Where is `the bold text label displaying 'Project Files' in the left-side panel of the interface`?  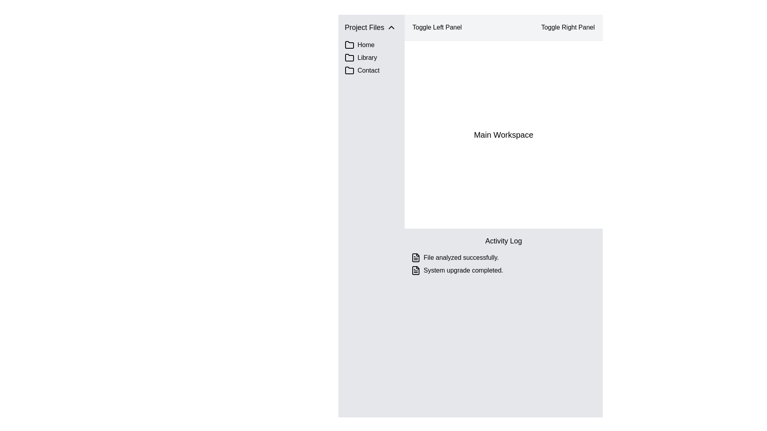 the bold text label displaying 'Project Files' in the left-side panel of the interface is located at coordinates (364, 27).